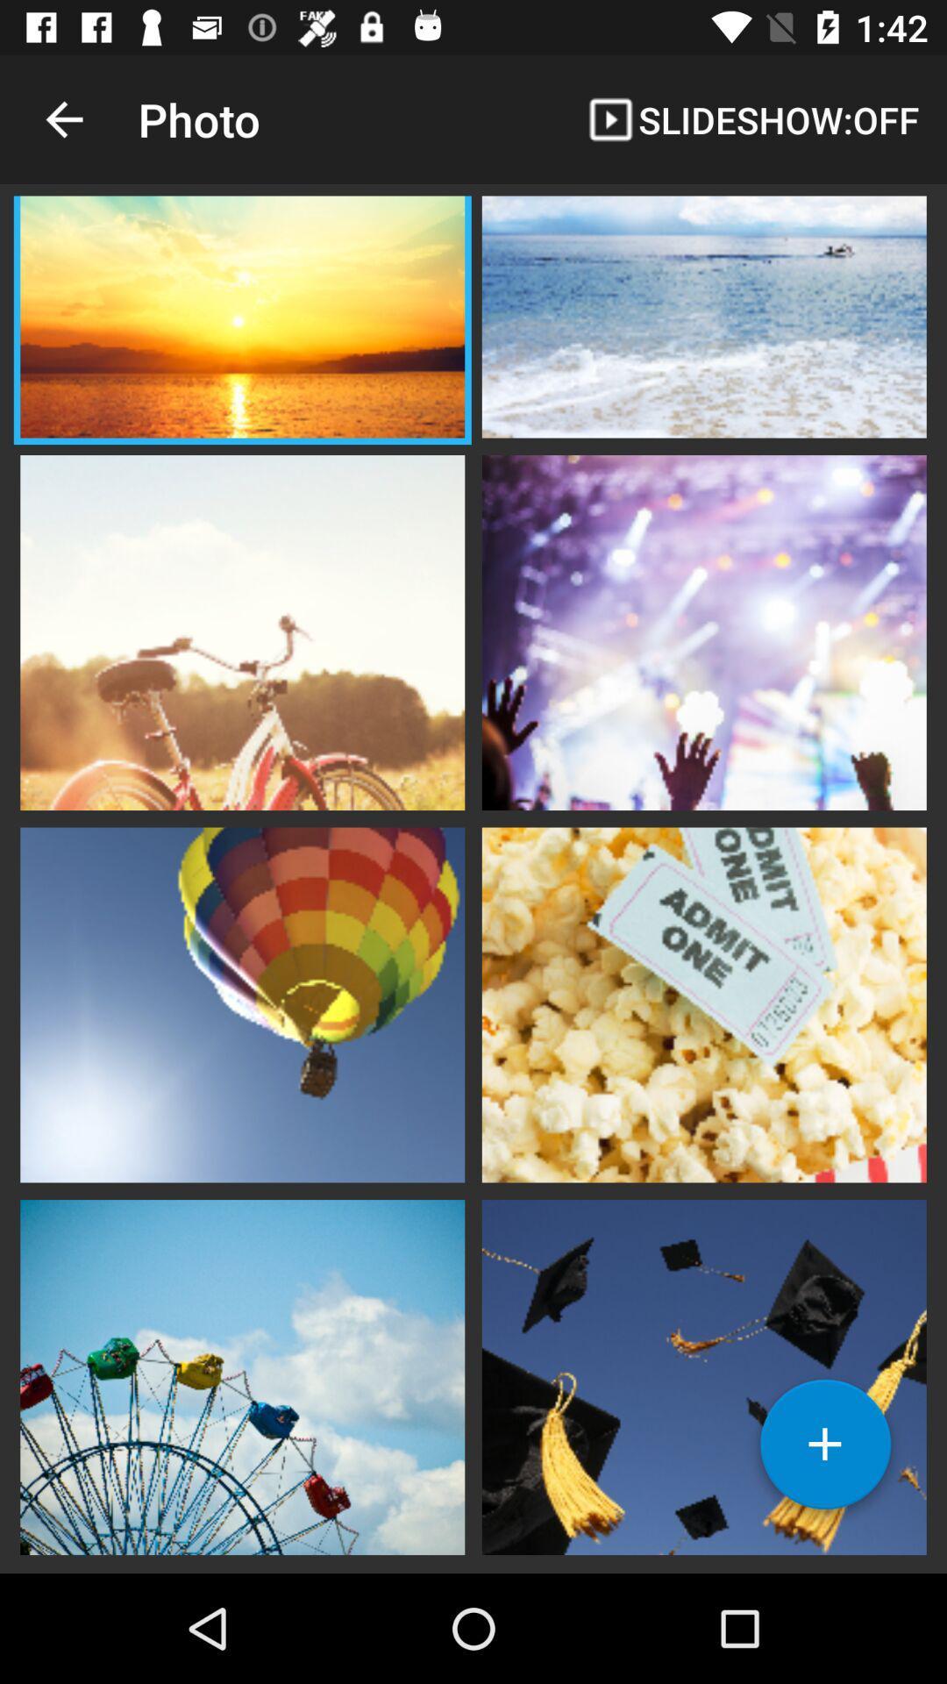  I want to click on photo, so click(703, 319).